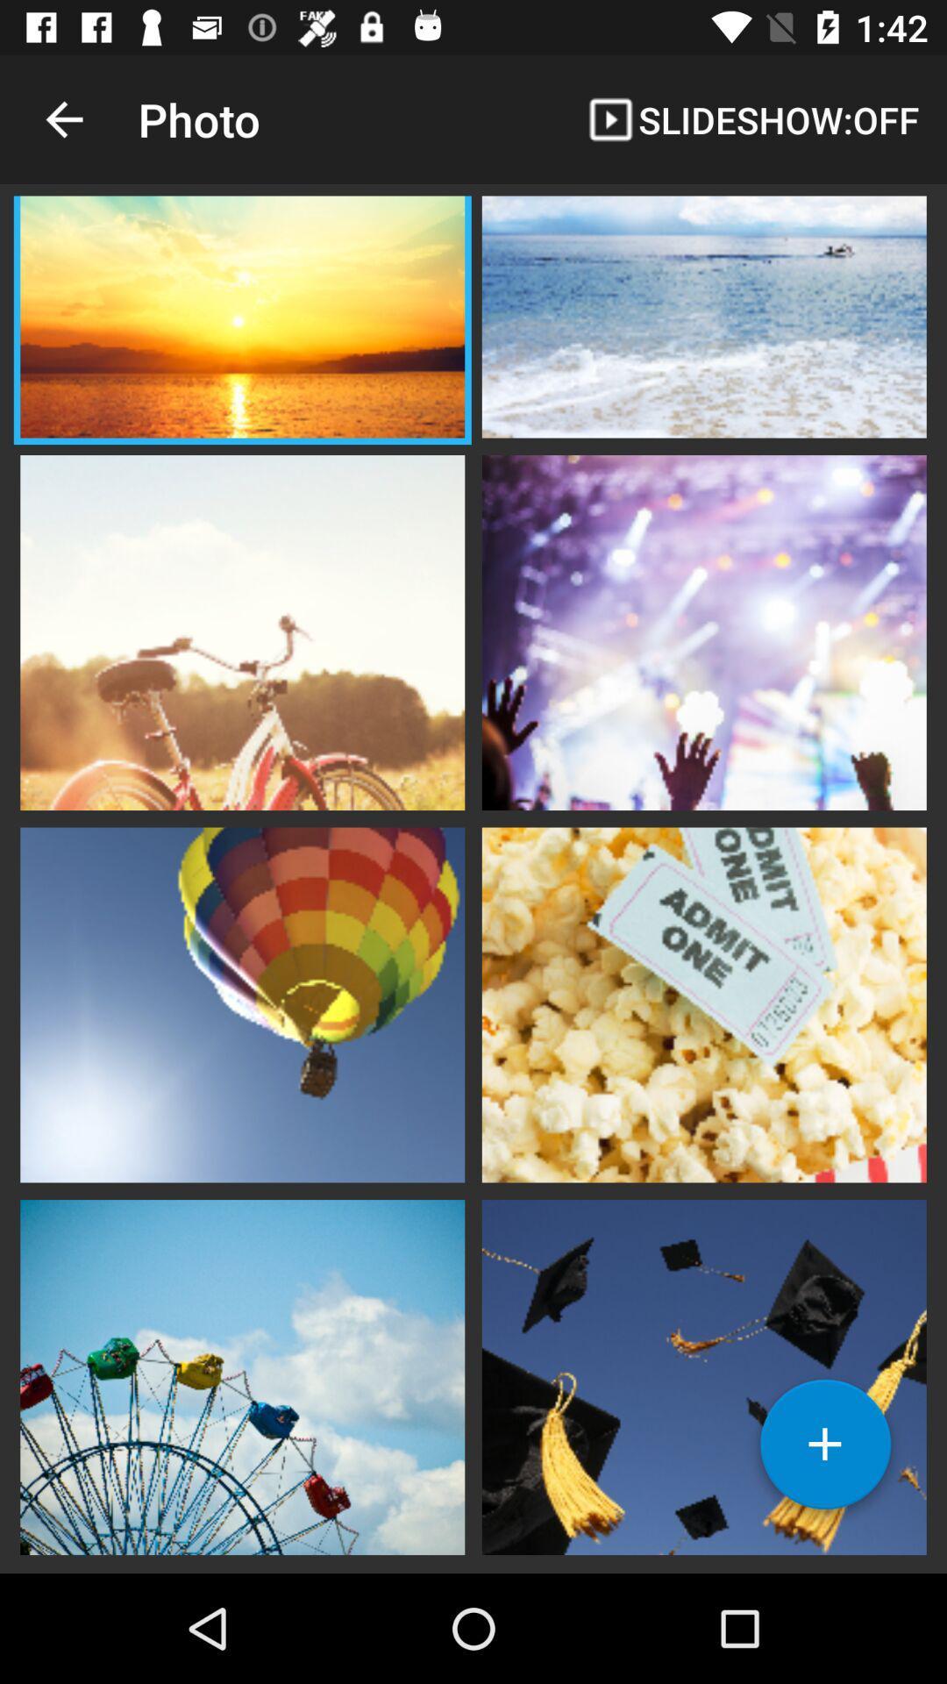  I want to click on photo, so click(703, 319).